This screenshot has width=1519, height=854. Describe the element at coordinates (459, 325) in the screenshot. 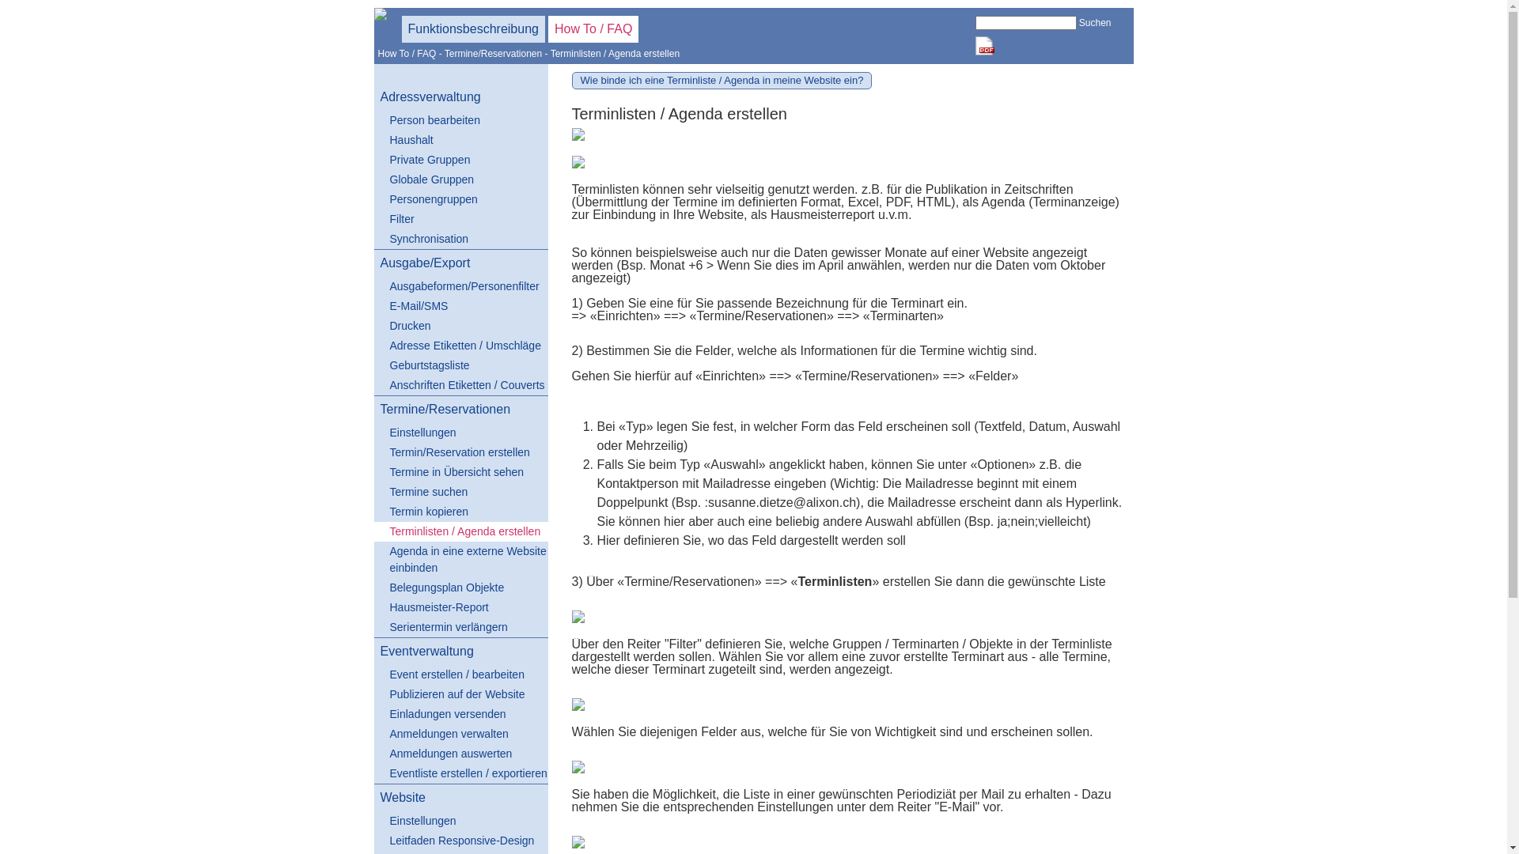

I see `'Drucken'` at that location.